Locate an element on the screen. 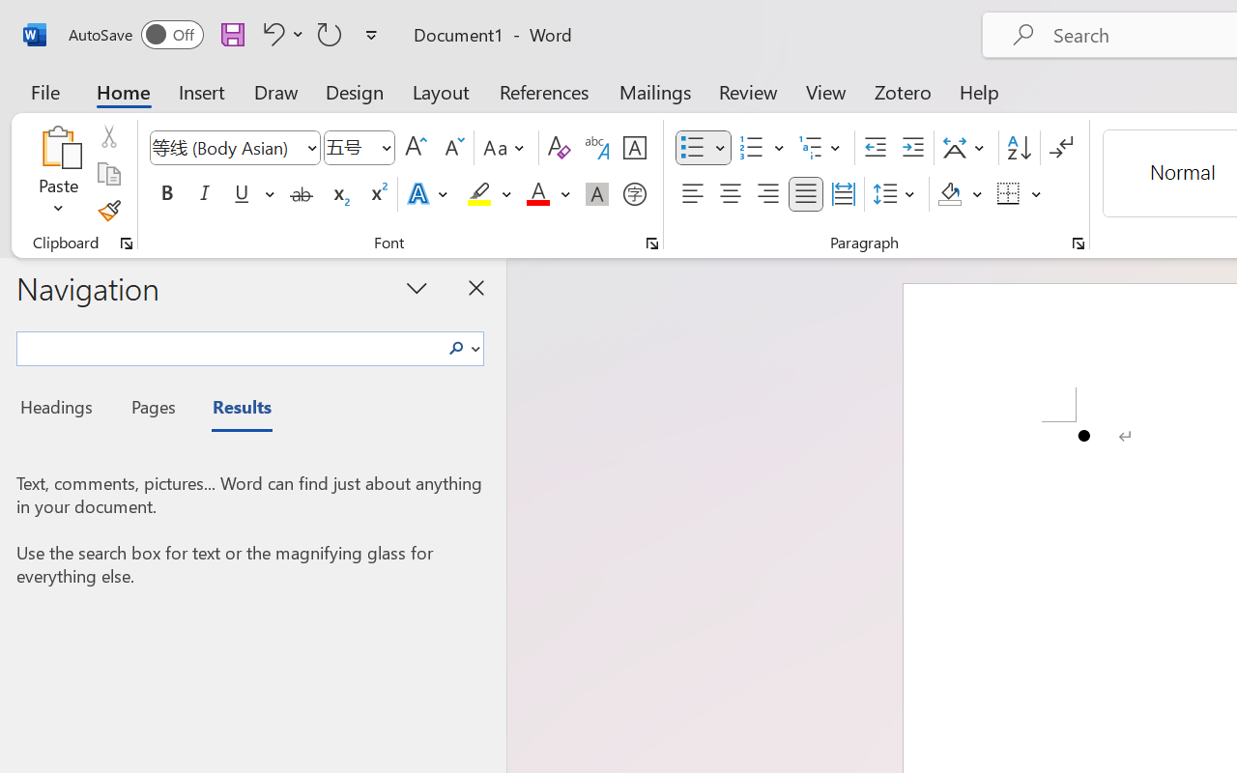  'Pages' is located at coordinates (150, 410).